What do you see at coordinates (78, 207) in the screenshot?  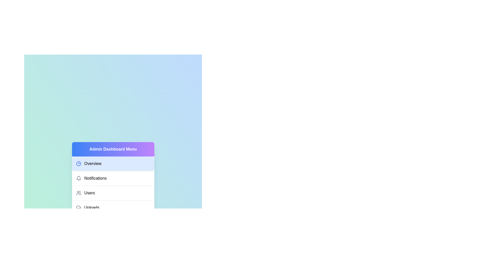 I see `the icon for Uploads to activate it` at bounding box center [78, 207].